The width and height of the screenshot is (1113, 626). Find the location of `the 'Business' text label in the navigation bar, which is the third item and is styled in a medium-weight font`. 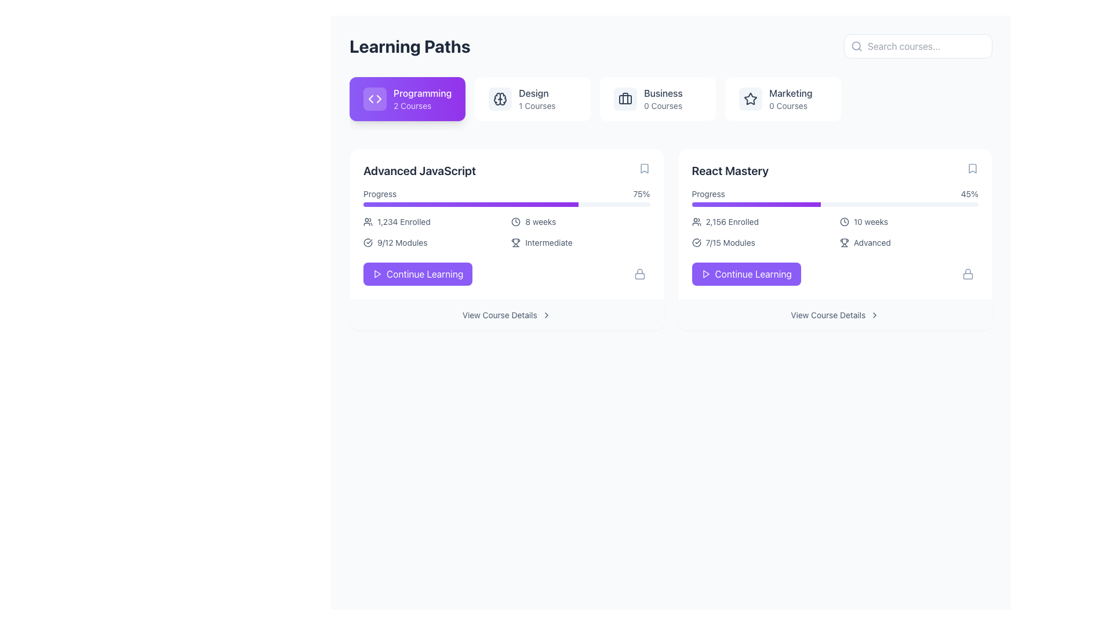

the 'Business' text label in the navigation bar, which is the third item and is styled in a medium-weight font is located at coordinates (663, 93).